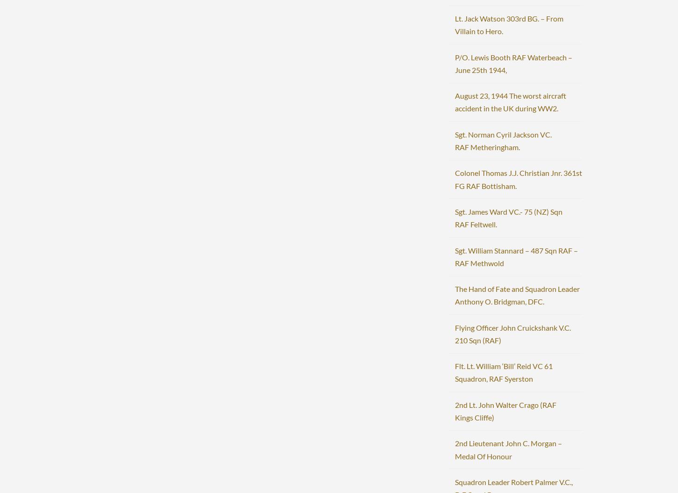 Image resolution: width=678 pixels, height=493 pixels. What do you see at coordinates (454, 140) in the screenshot?
I see `'Sgt. Norman Cyril Jackson VC. RAF Metheringham.'` at bounding box center [454, 140].